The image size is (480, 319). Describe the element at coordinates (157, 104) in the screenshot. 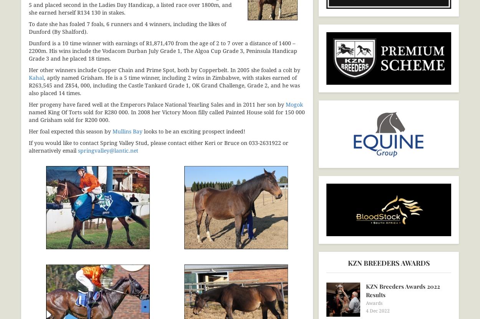

I see `'Her progeny have fared well at the Emperors Palace National Yearling Sales and in 2011 her son by'` at that location.